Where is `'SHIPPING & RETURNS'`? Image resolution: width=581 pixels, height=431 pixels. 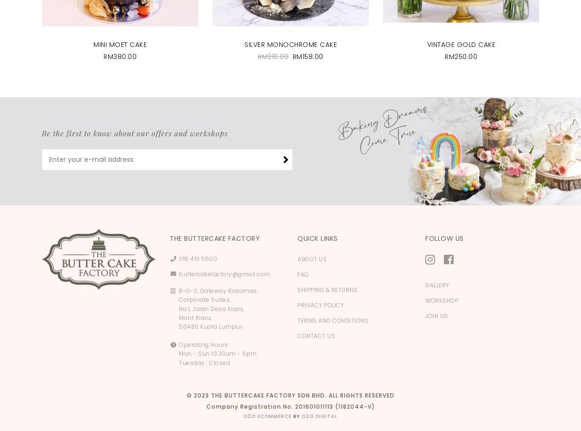
'SHIPPING & RETURNS' is located at coordinates (327, 289).